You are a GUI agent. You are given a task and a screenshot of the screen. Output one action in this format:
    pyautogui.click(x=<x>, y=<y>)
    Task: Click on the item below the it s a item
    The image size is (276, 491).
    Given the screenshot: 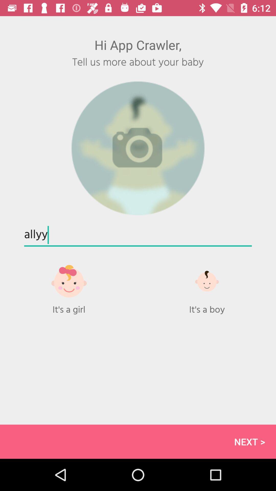 What is the action you would take?
    pyautogui.click(x=138, y=441)
    